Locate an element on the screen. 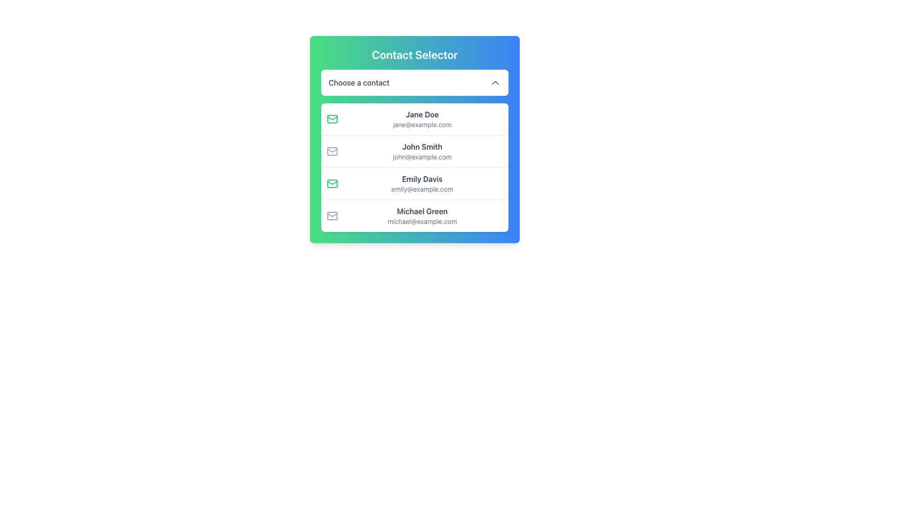  the list item displaying 'John Smith' with the envelope icon is located at coordinates (414, 139).